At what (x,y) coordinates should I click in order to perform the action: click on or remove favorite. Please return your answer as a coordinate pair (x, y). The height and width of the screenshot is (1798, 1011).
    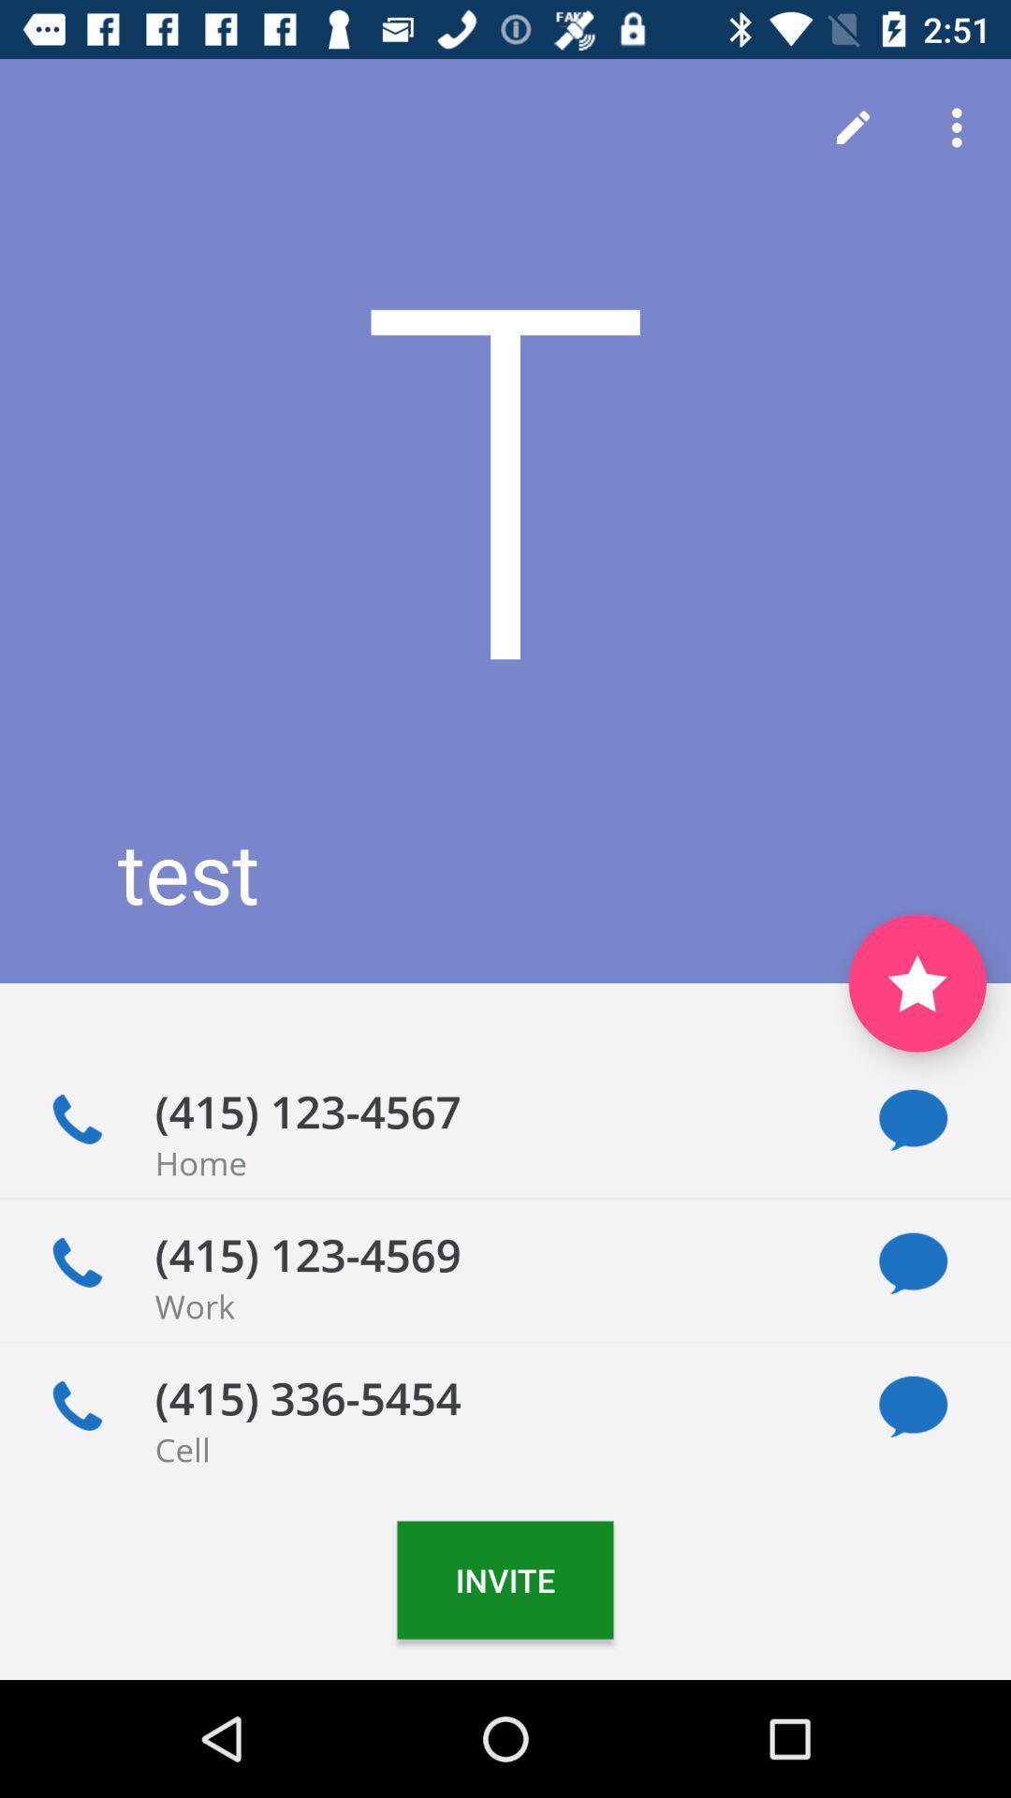
    Looking at the image, I should click on (916, 982).